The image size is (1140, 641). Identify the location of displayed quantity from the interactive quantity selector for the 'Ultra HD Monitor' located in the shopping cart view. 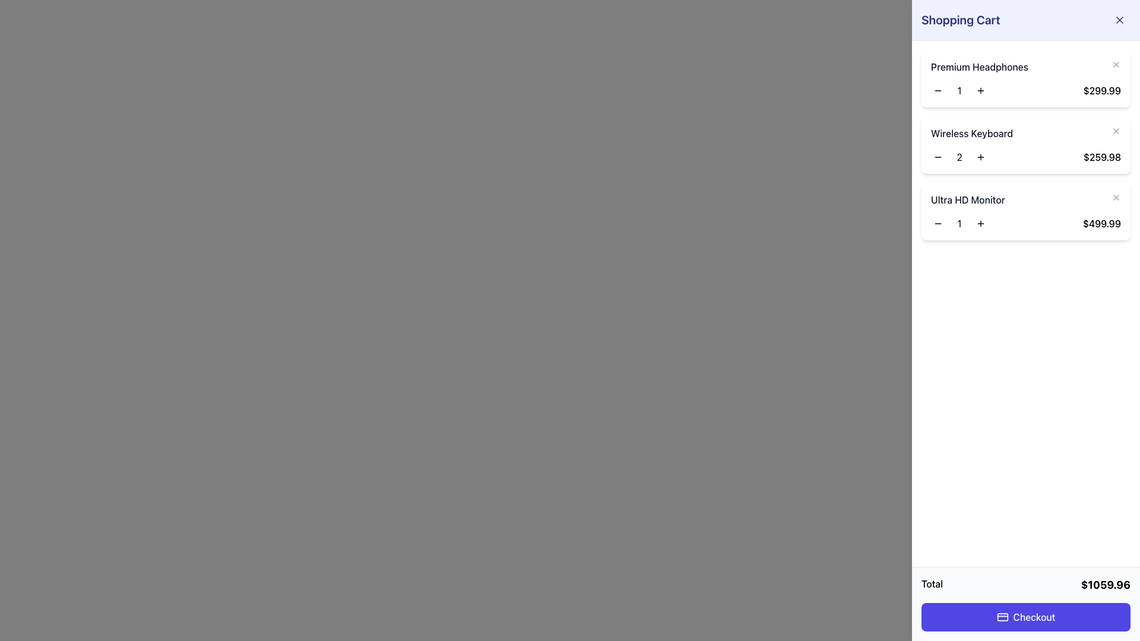
(1025, 224).